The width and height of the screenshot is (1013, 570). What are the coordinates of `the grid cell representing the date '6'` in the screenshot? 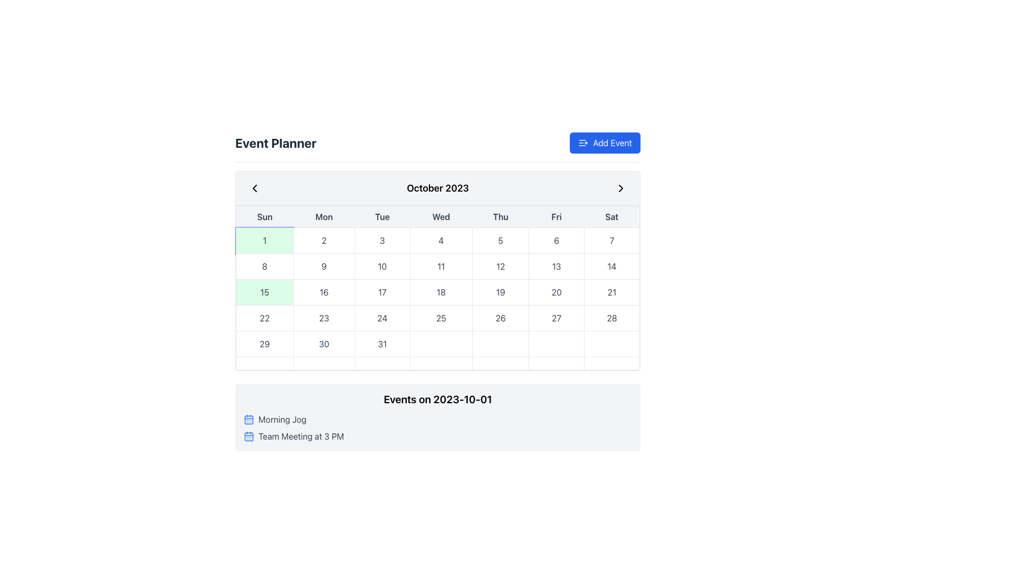 It's located at (556, 240).